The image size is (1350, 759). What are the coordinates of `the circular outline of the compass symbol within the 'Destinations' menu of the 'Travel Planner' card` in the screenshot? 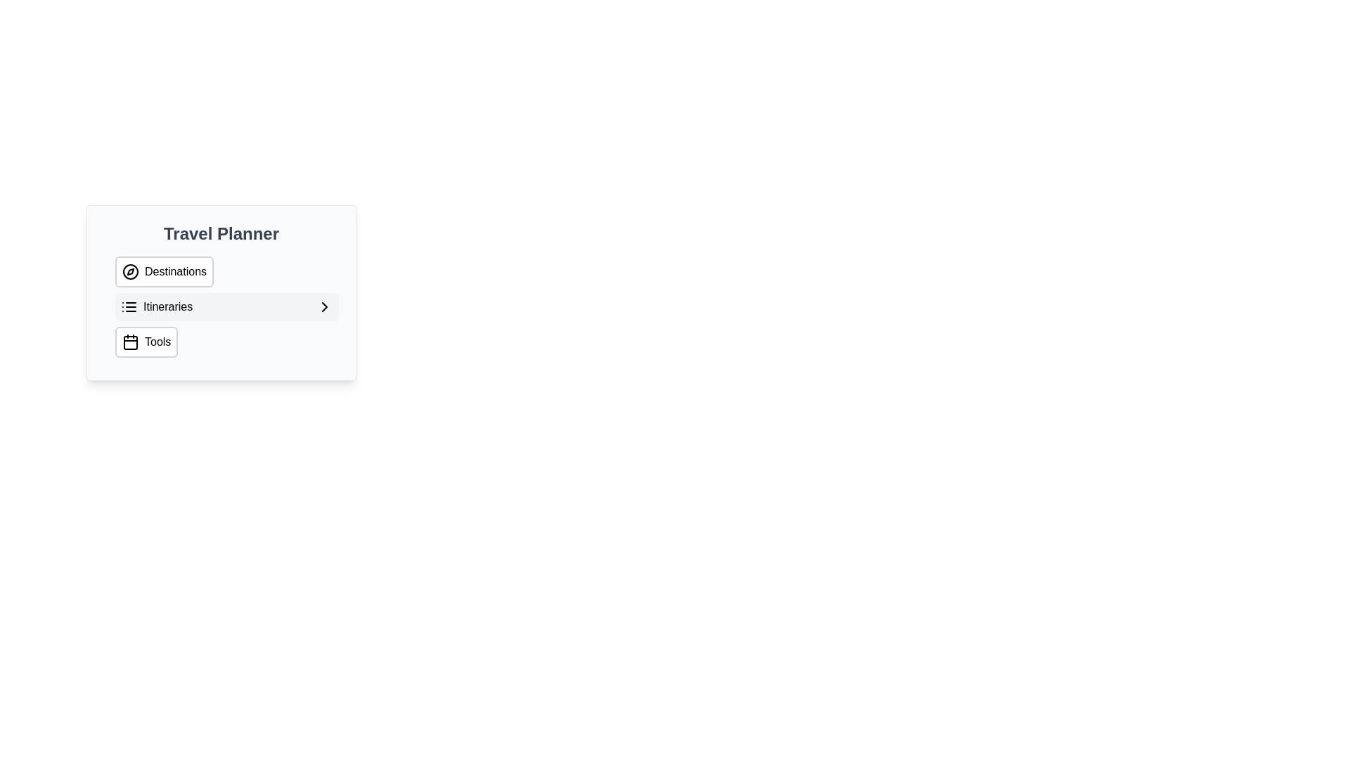 It's located at (131, 271).